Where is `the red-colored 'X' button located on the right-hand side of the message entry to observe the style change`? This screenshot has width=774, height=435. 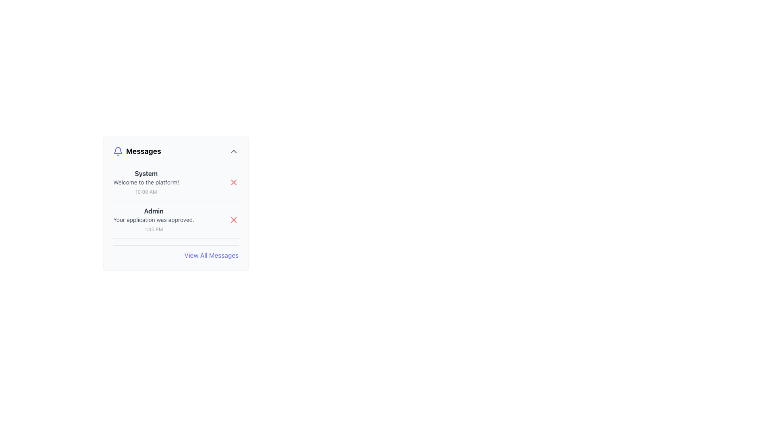 the red-colored 'X' button located on the right-hand side of the message entry to observe the style change is located at coordinates (233, 220).